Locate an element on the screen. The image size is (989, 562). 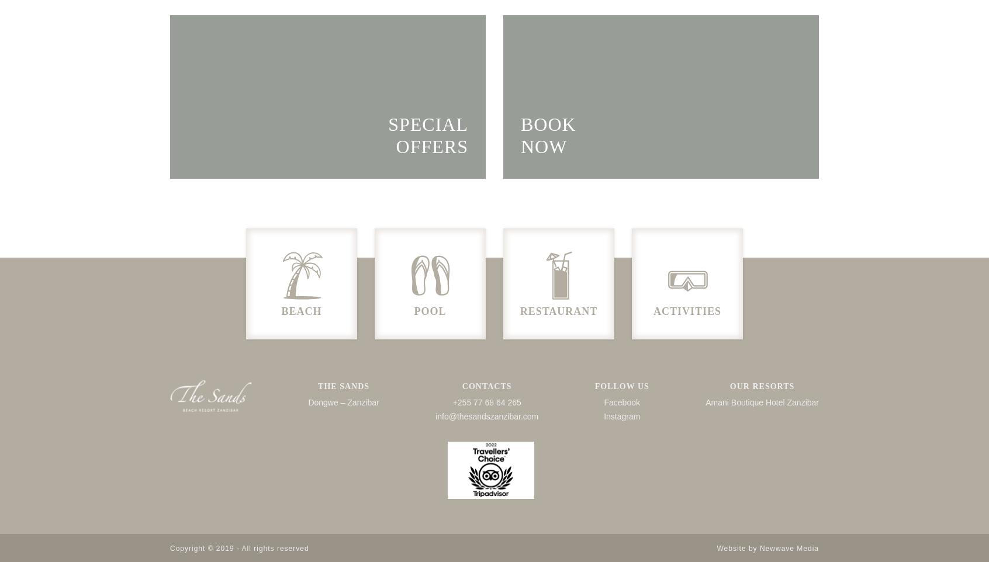
'+255 77 68 64 265' is located at coordinates (486, 401).